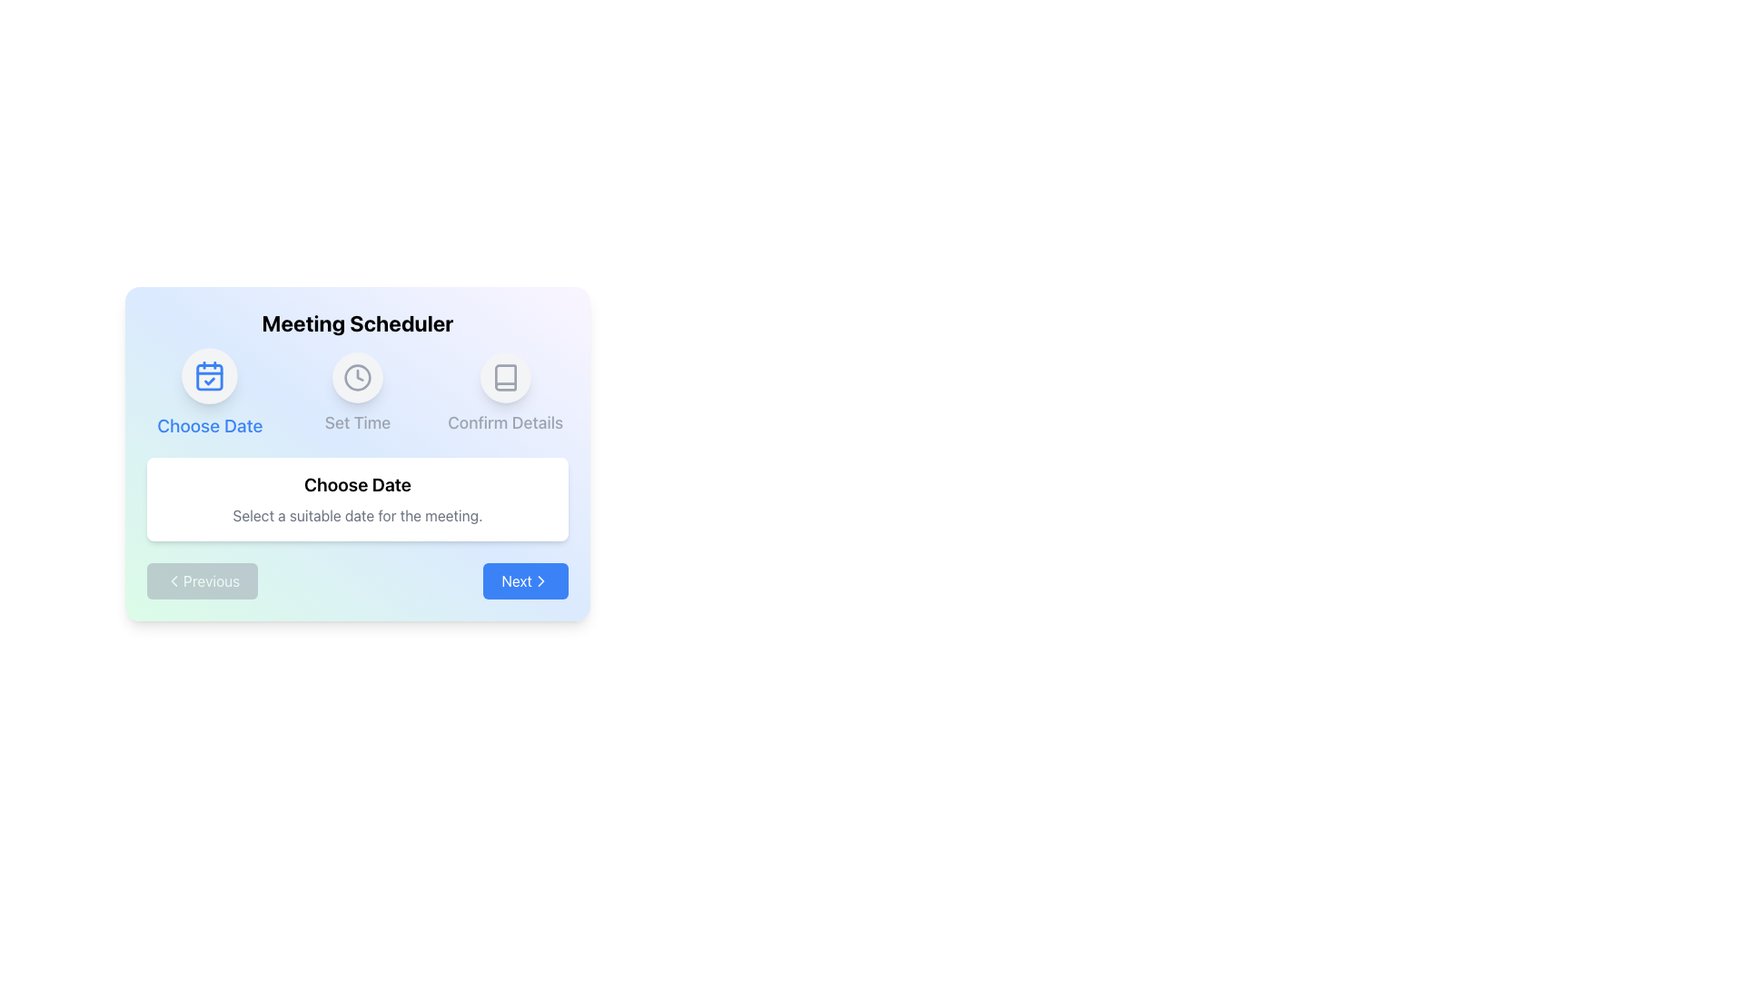  I want to click on the informational block with the heading 'Choose Date' and subtitle 'Select a suitable date for the meeting.', so click(357, 500).